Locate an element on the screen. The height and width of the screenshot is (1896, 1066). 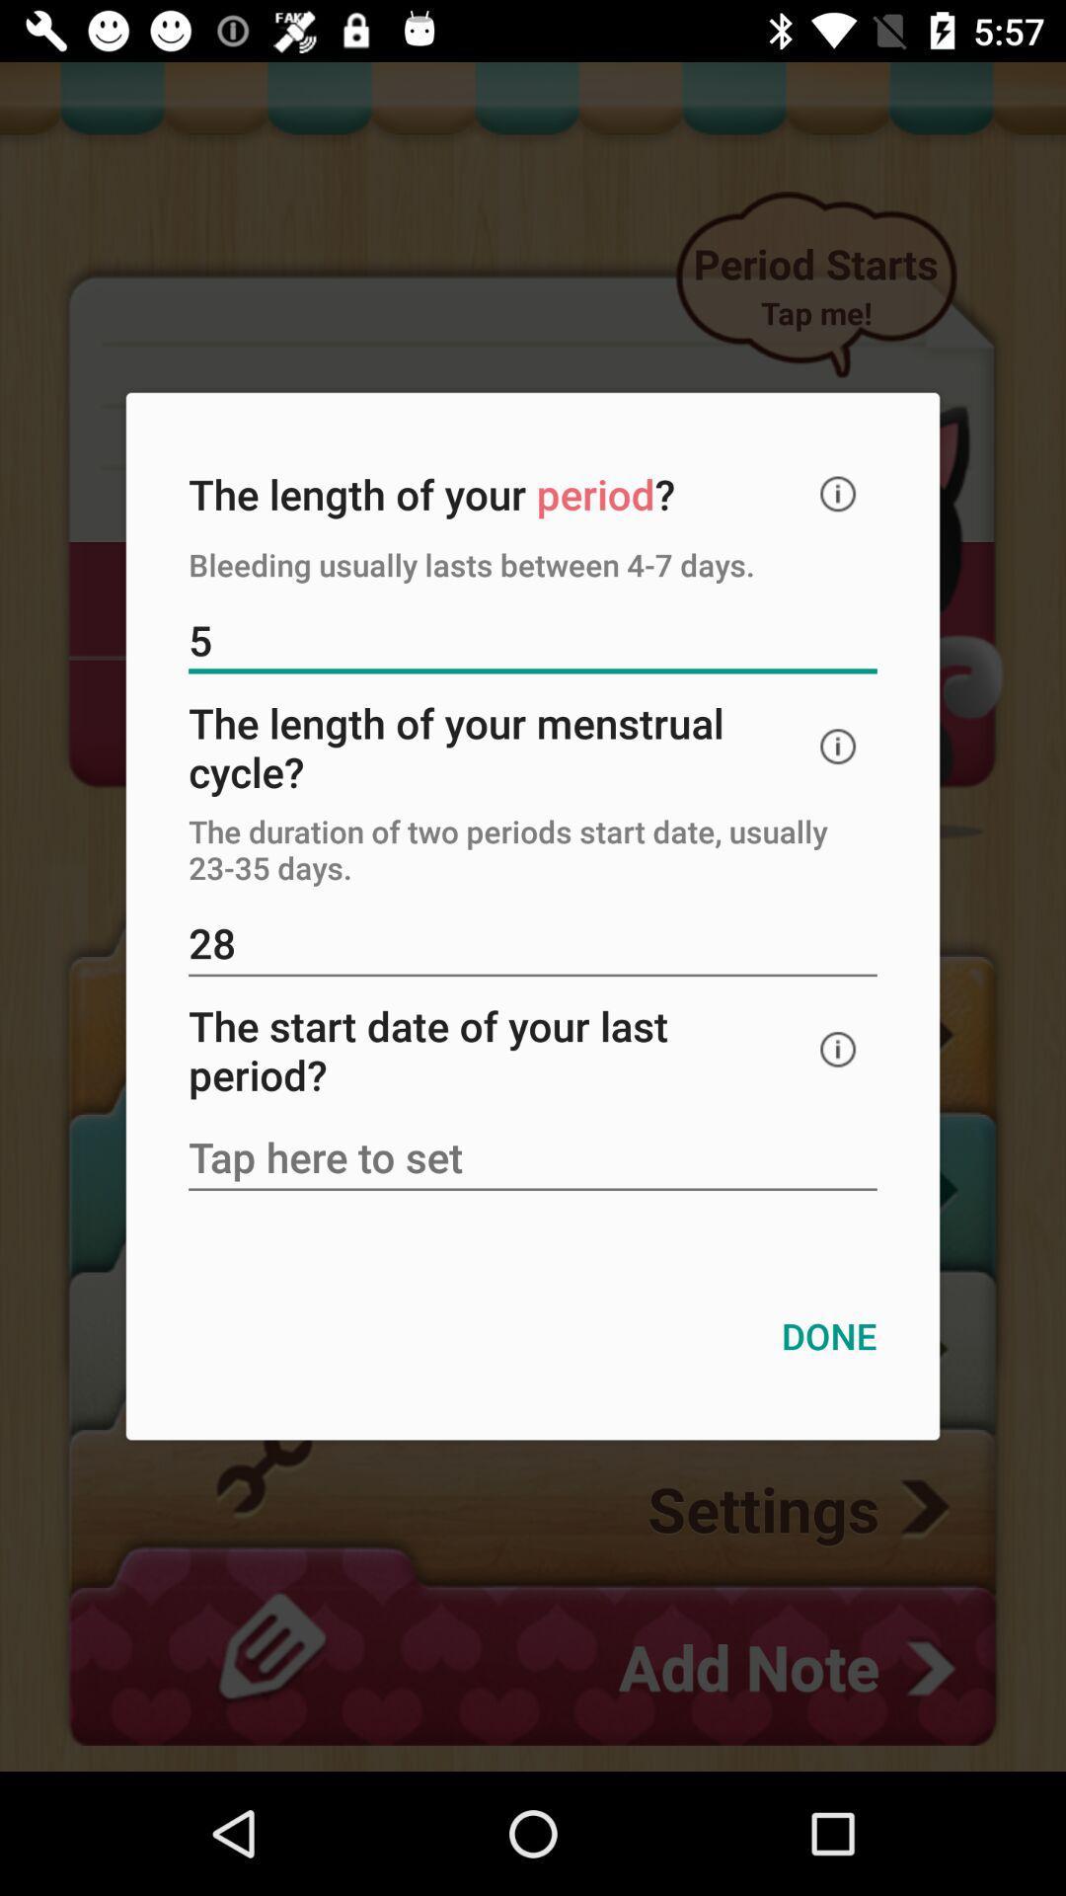
open more information about an iten is located at coordinates (838, 746).